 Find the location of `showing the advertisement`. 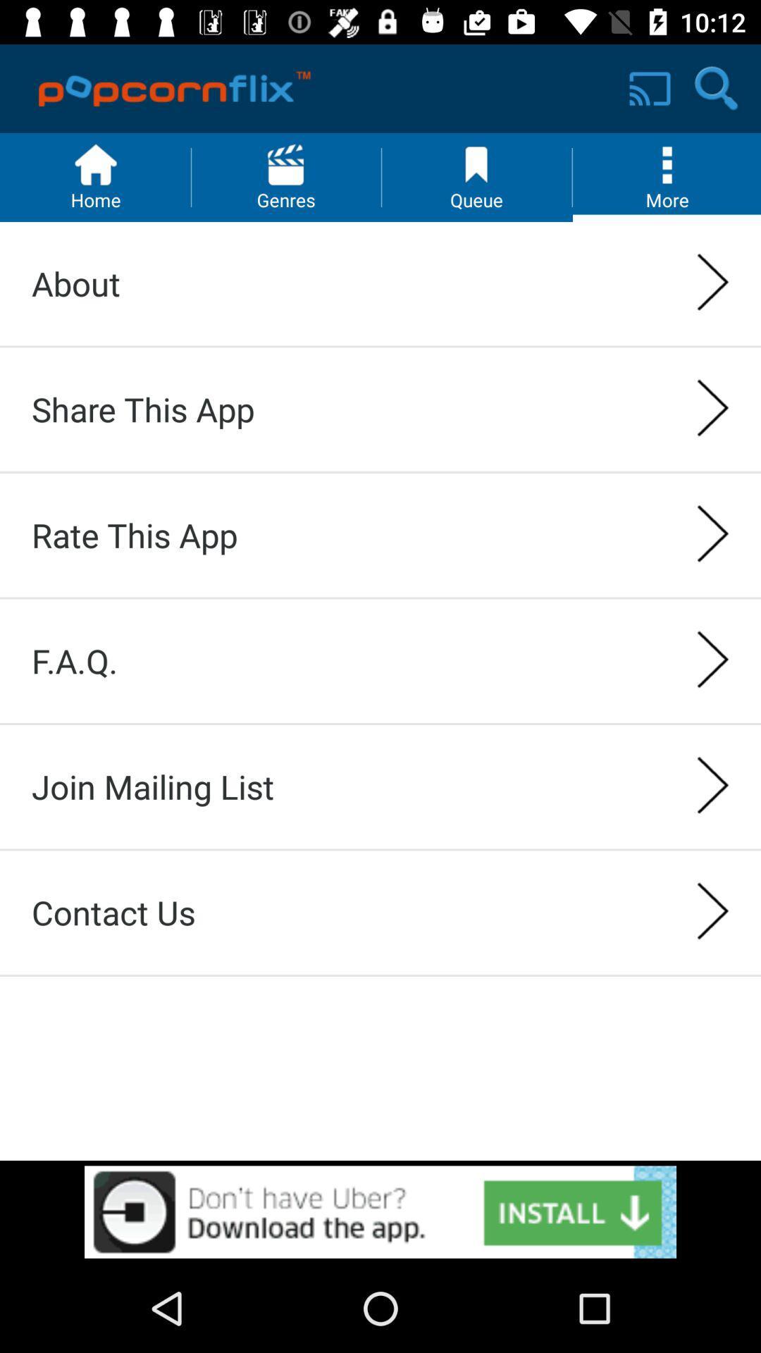

showing the advertisement is located at coordinates (380, 1211).